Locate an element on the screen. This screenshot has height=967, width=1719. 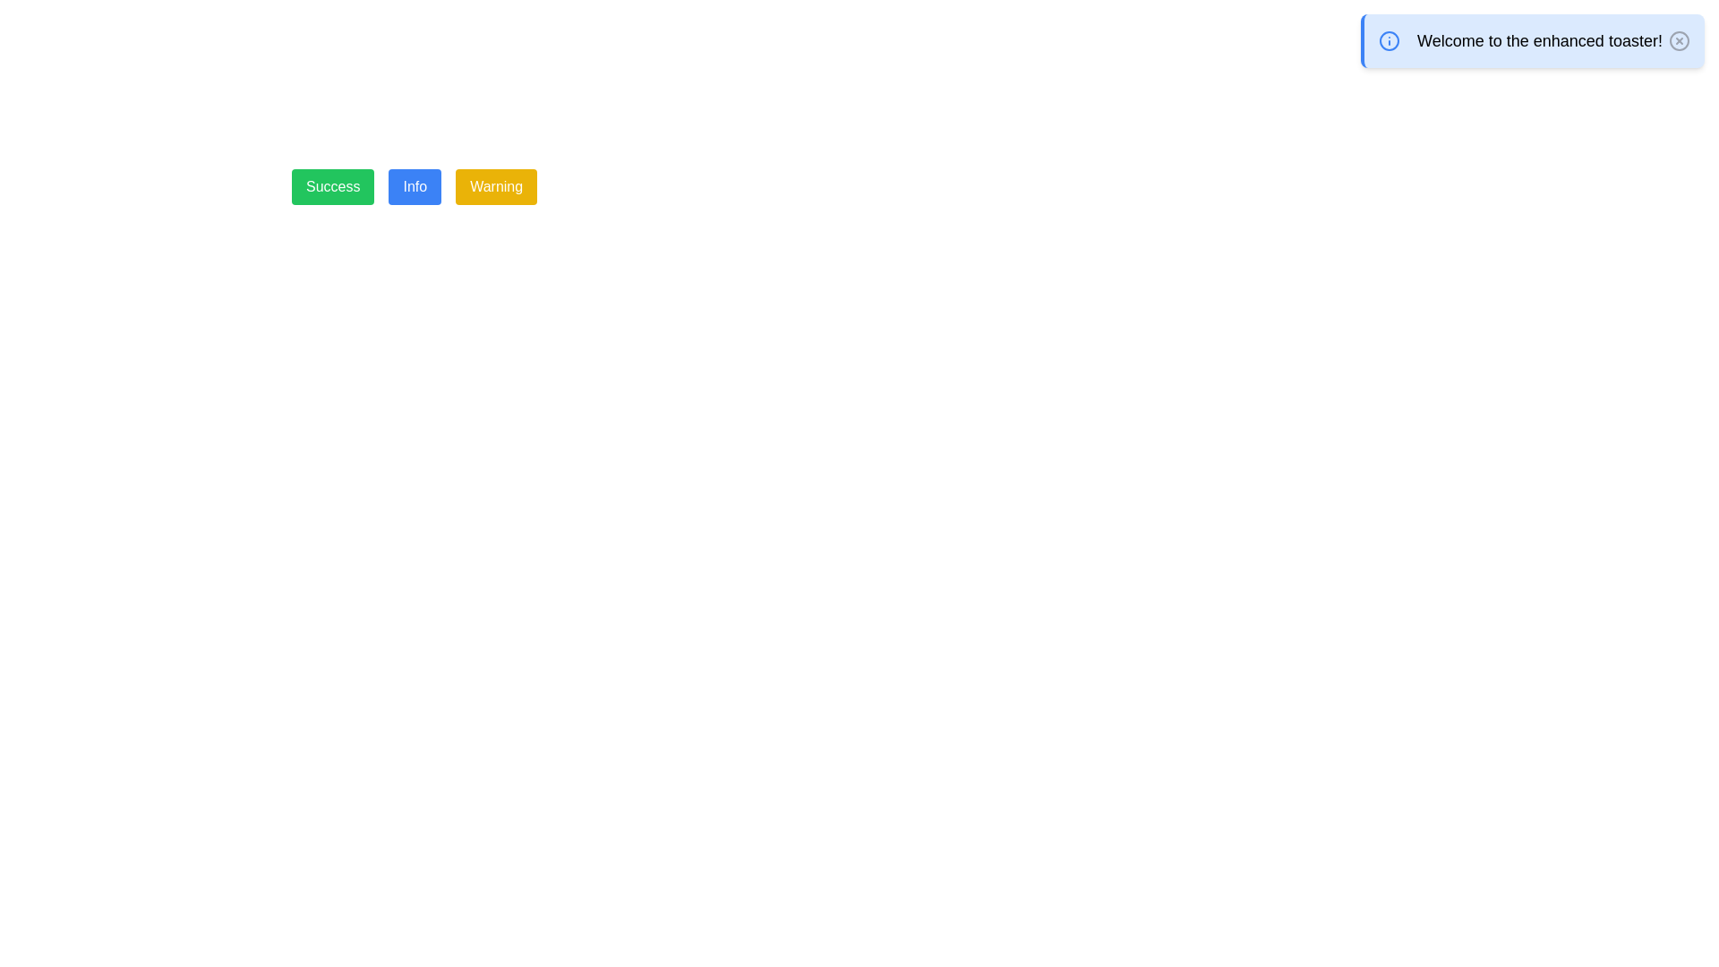
the blue circular informational icon with an 'i' symbol, located in the top right corner of the interface, to the left of the text 'Welcome to the enhanced toaster!' within a light blue notification box is located at coordinates (1388, 40).